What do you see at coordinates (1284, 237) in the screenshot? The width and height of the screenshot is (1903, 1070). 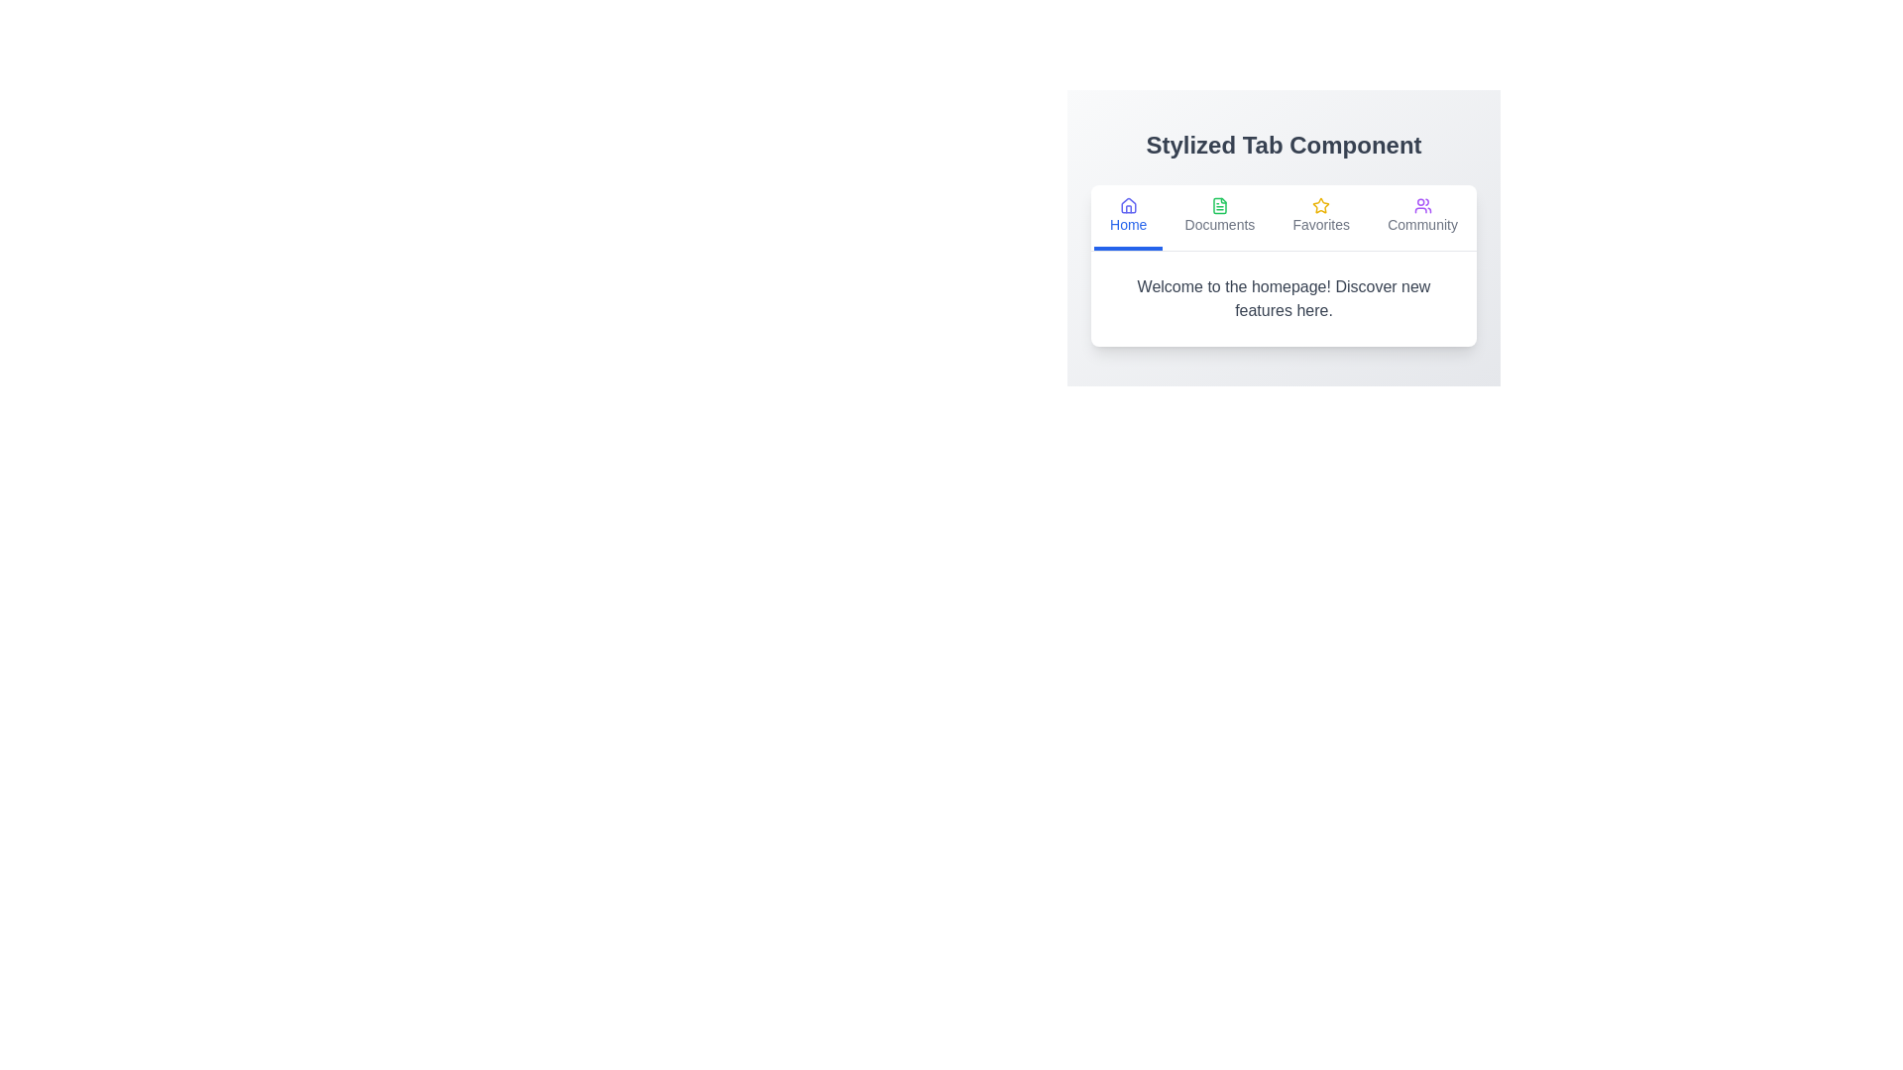 I see `the tab in the Tabbed Navigation Component` at bounding box center [1284, 237].